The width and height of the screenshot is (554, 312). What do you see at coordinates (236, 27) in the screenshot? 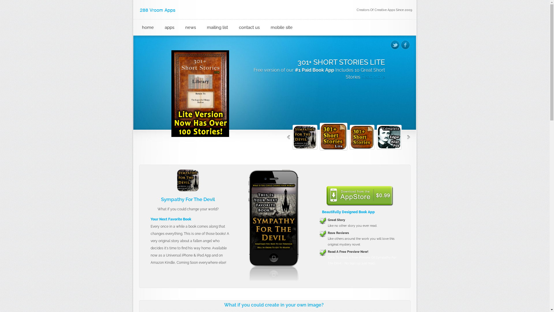
I see `'contact us'` at bounding box center [236, 27].